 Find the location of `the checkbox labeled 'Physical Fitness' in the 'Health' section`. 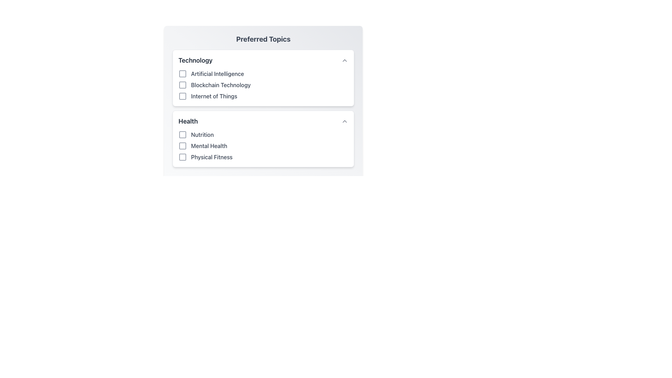

the checkbox labeled 'Physical Fitness' in the 'Health' section is located at coordinates (263, 156).